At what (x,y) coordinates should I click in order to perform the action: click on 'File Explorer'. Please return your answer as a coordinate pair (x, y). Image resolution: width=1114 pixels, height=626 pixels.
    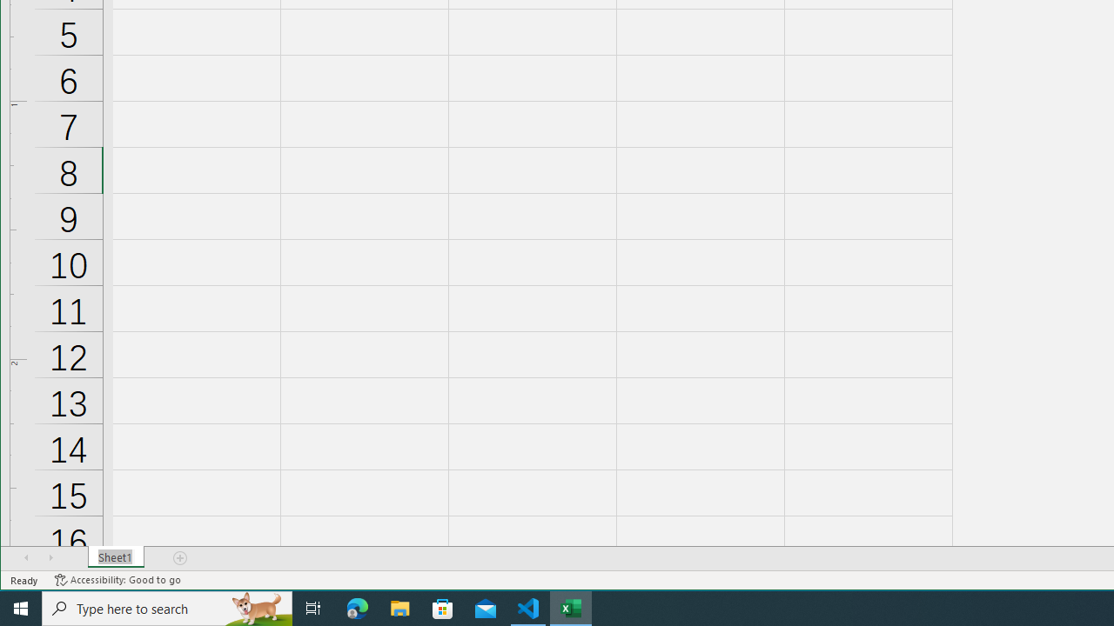
    Looking at the image, I should click on (399, 607).